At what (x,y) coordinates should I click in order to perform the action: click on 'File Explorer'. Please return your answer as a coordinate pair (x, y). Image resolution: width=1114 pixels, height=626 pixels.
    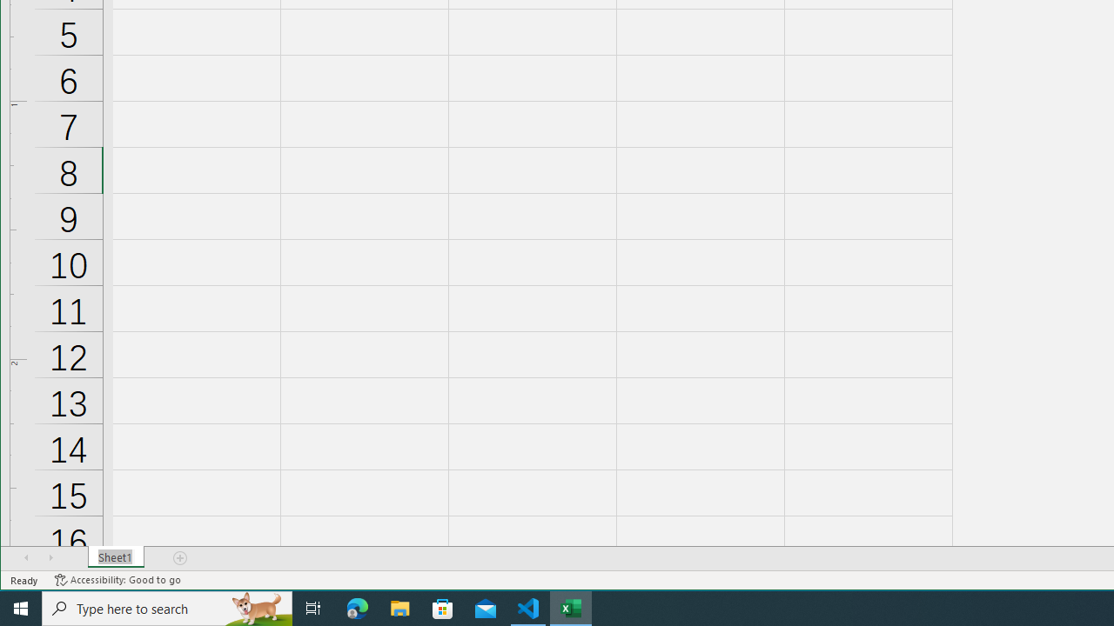
    Looking at the image, I should click on (399, 607).